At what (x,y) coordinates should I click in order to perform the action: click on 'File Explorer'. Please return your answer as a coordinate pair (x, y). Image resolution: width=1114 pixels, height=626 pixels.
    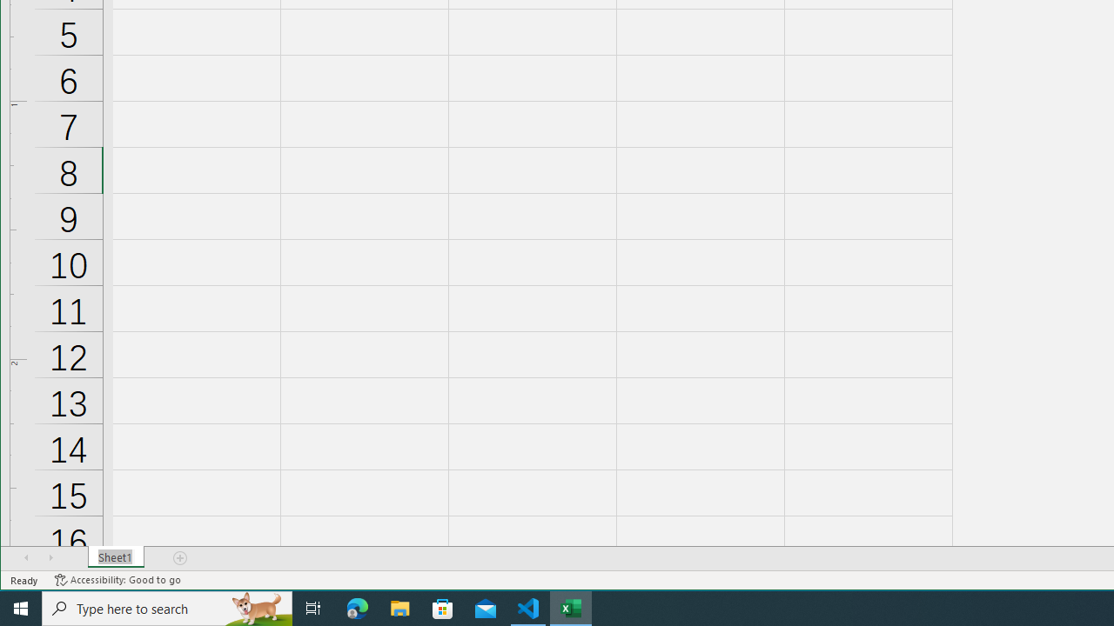
    Looking at the image, I should click on (399, 607).